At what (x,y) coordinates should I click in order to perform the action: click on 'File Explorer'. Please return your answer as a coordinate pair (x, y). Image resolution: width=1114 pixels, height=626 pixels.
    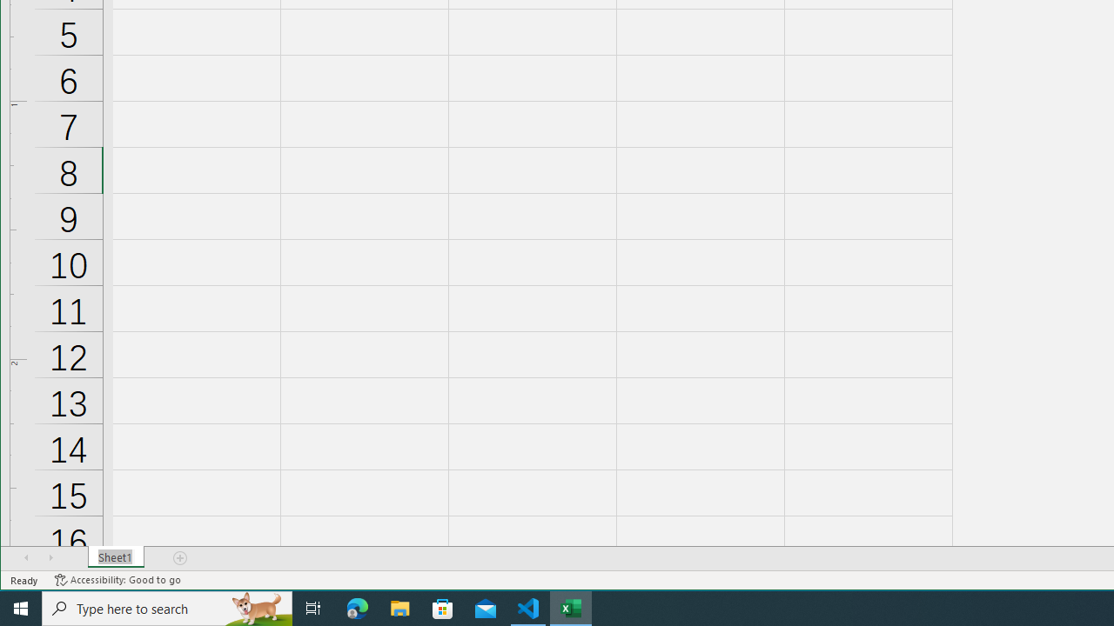
    Looking at the image, I should click on (399, 607).